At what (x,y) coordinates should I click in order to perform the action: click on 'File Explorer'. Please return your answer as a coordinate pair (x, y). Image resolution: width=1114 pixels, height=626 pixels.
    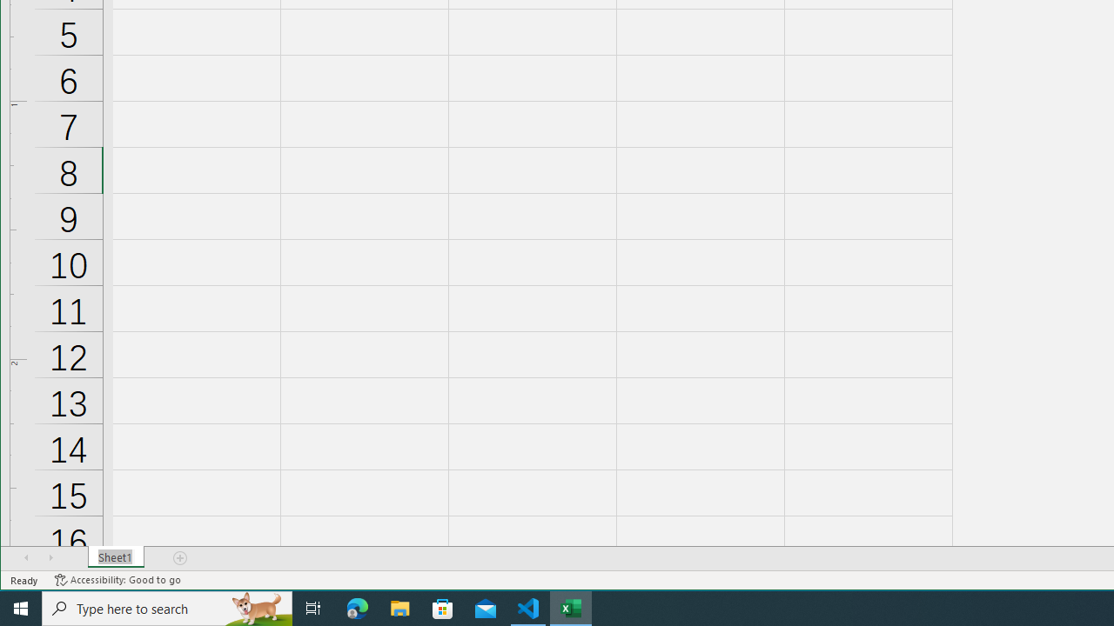
    Looking at the image, I should click on (399, 607).